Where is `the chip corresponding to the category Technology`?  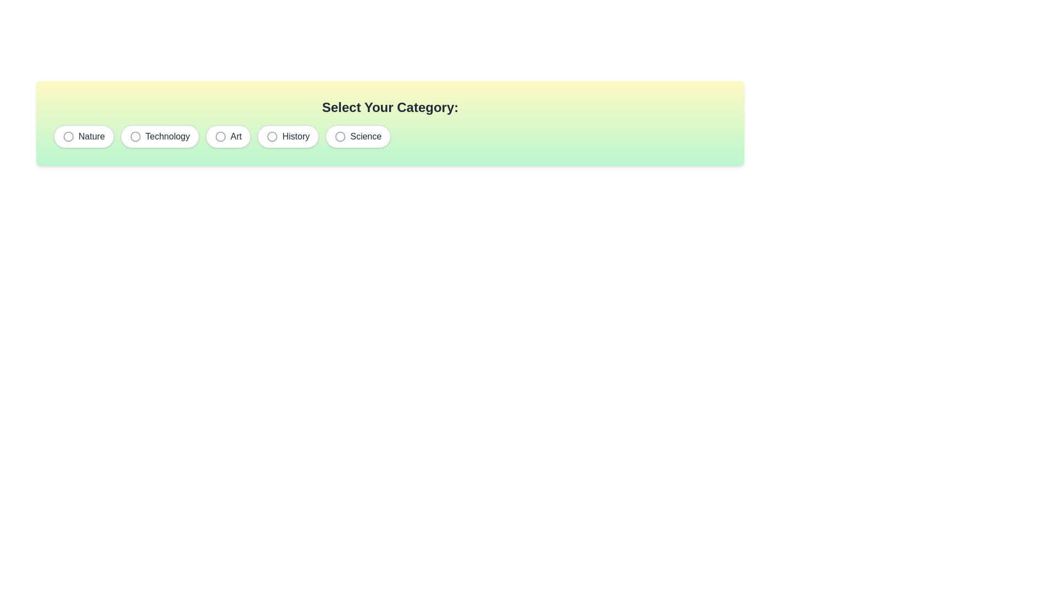 the chip corresponding to the category Technology is located at coordinates (159, 136).